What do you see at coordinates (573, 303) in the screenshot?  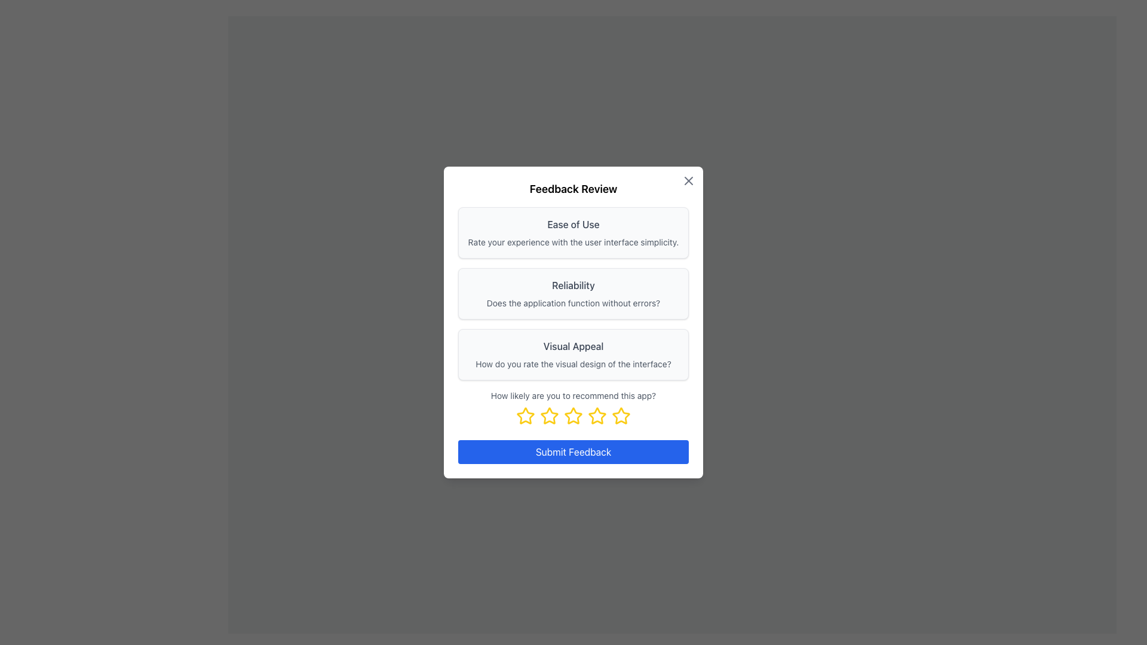 I see `the informational text component that presents a question about the reliability of the application, located below the heading 'Reliability'` at bounding box center [573, 303].